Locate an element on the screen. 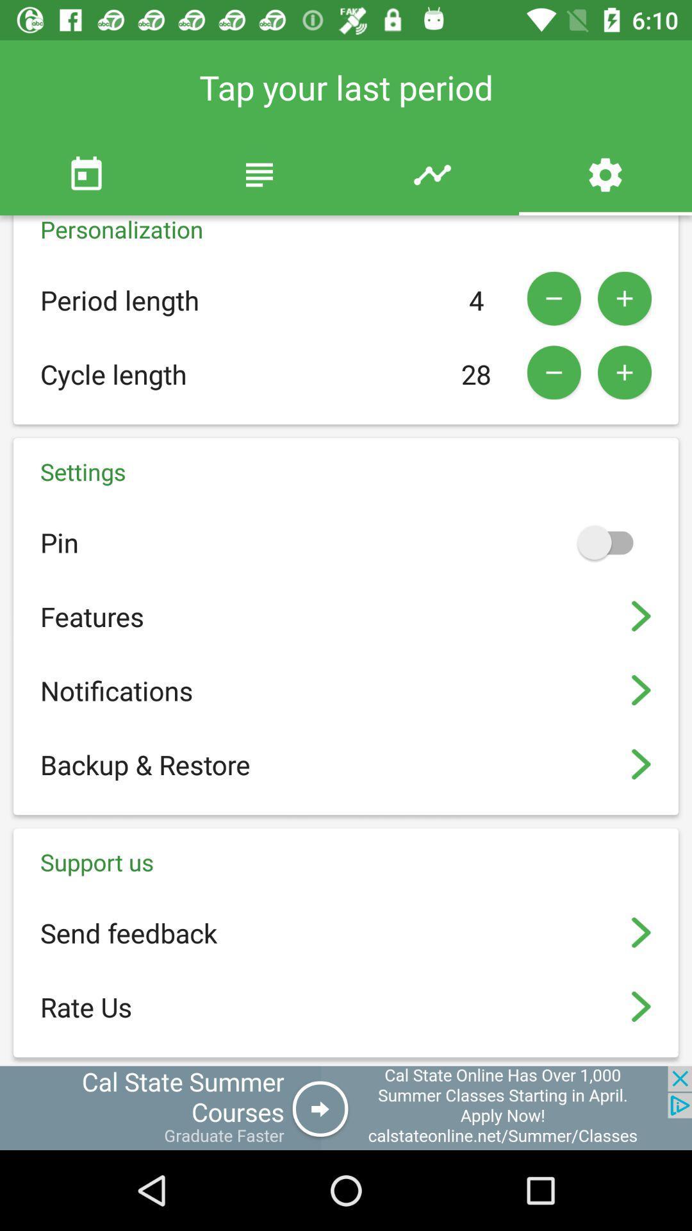  on is located at coordinates (611, 542).